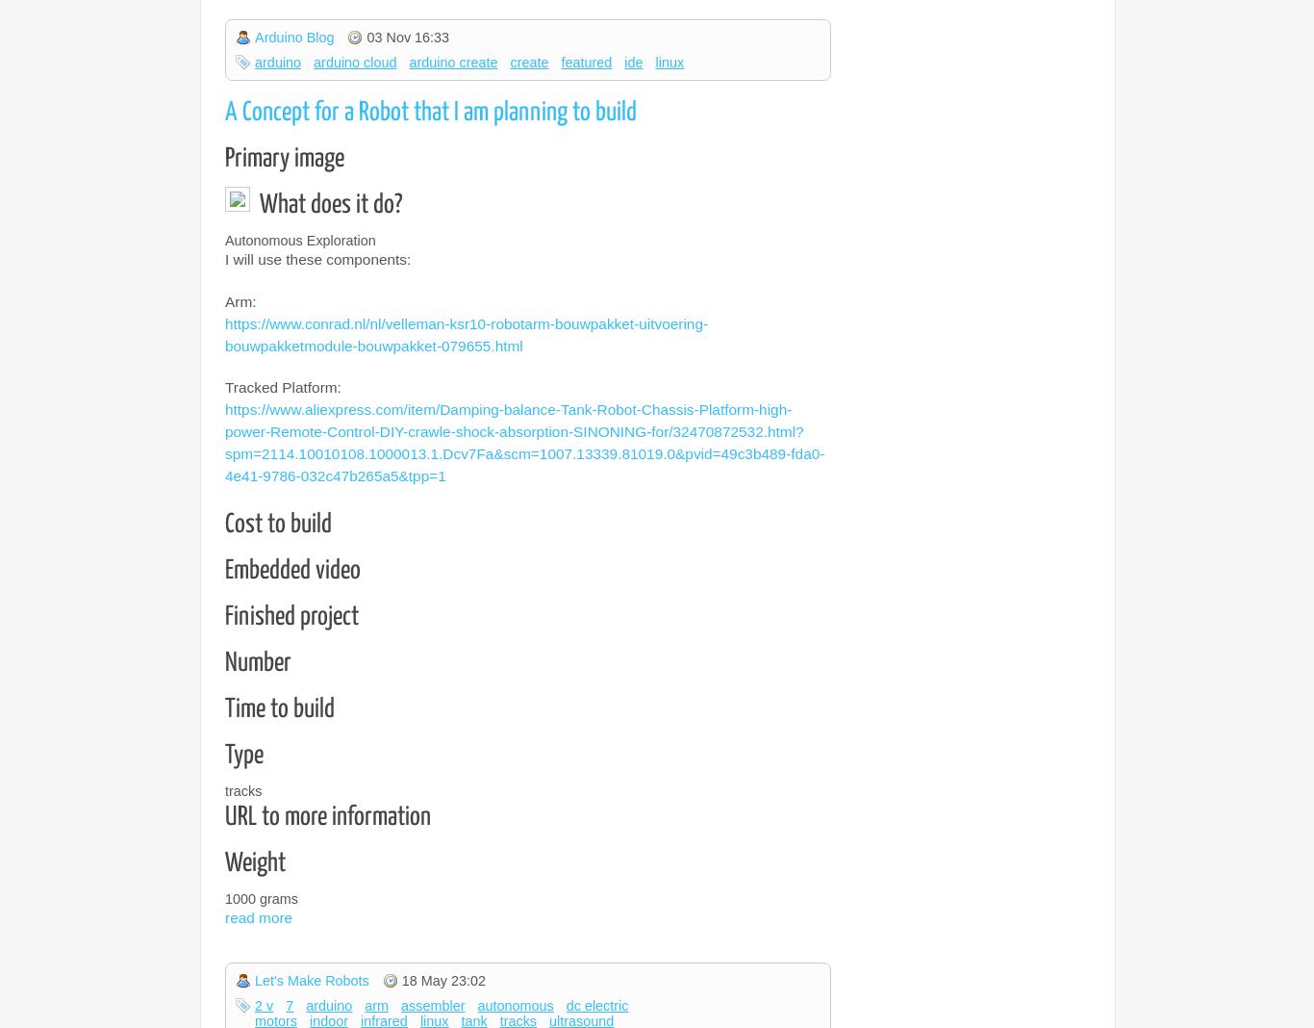 The image size is (1314, 1028). What do you see at coordinates (430, 112) in the screenshot?
I see `'A Concept for a Robot that I am planning to build'` at bounding box center [430, 112].